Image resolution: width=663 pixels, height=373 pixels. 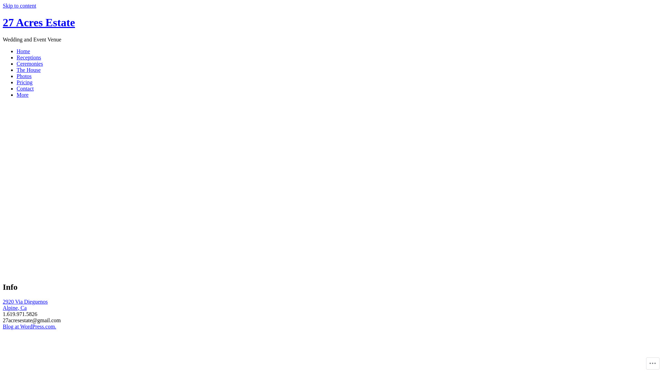 I want to click on 'Photos', so click(x=24, y=76).